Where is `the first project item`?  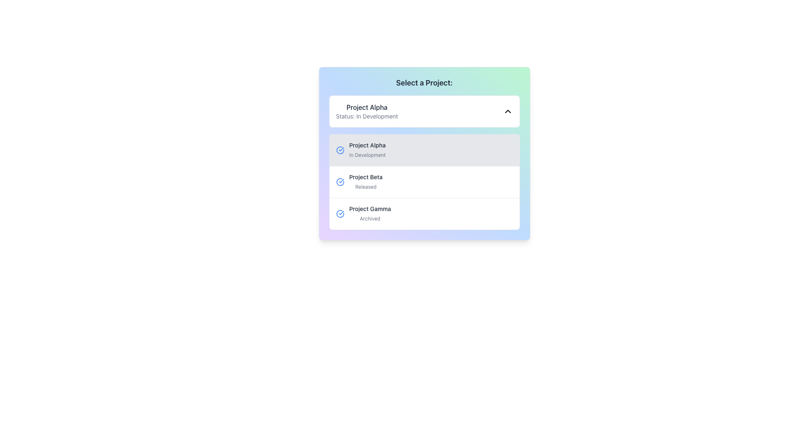
the first project item is located at coordinates (424, 153).